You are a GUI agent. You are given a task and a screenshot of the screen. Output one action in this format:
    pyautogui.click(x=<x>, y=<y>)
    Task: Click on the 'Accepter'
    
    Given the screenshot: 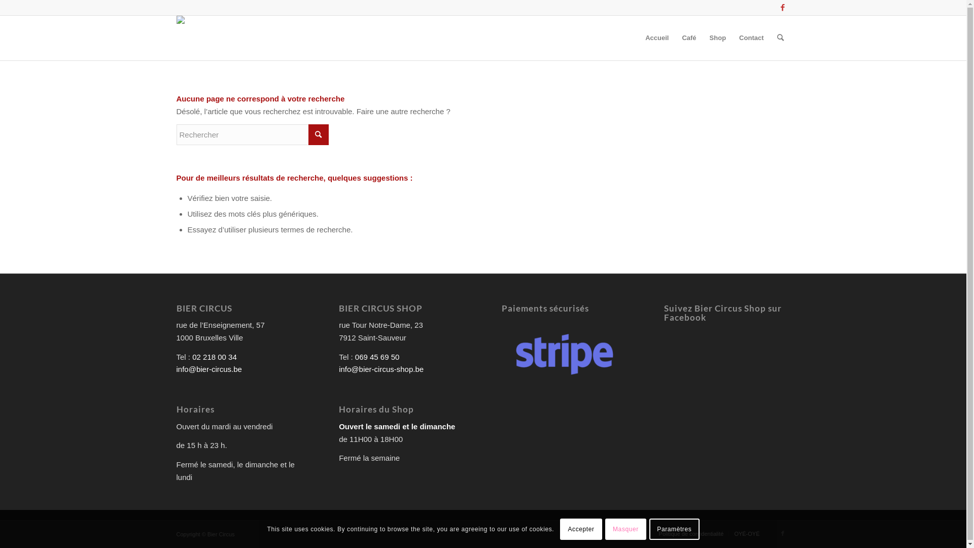 What is the action you would take?
    pyautogui.click(x=581, y=528)
    